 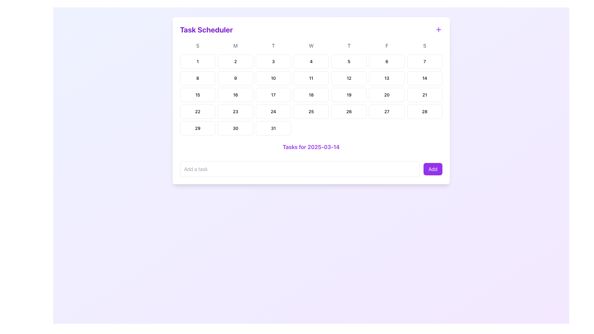 I want to click on the calendar cell displaying the number '17', so click(x=273, y=95).